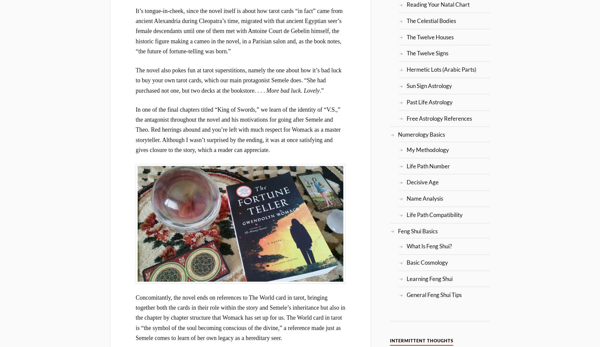 This screenshot has height=347, width=600. What do you see at coordinates (238, 30) in the screenshot?
I see `'It’s tongue-in-cheek, since the novel itself is about how tarot cards “in fact” came from ancient Alexandria during Cleopatra’s time, migrated with that ancient Egyptian seer’s female descendants until one of them met with Antoine Court de Gebelin himself, the historic figure making a cameo in the novel, in a Parisian salon and, as the book notes, “the future of fortune-telling was born.”'` at bounding box center [238, 30].